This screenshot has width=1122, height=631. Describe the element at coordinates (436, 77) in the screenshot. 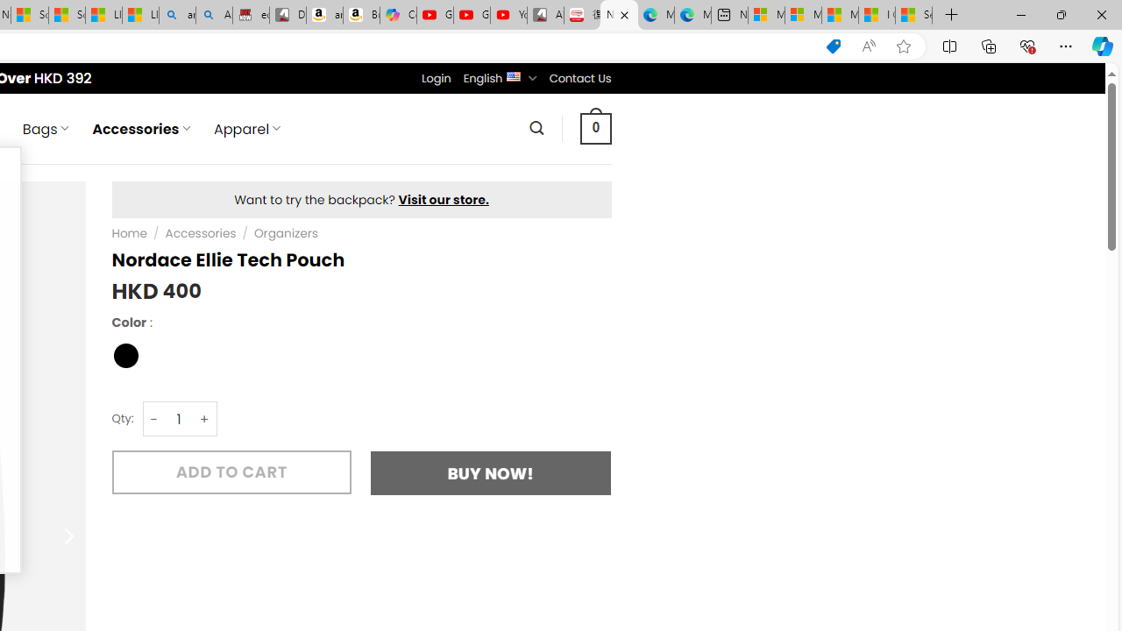

I see `'Login'` at that location.